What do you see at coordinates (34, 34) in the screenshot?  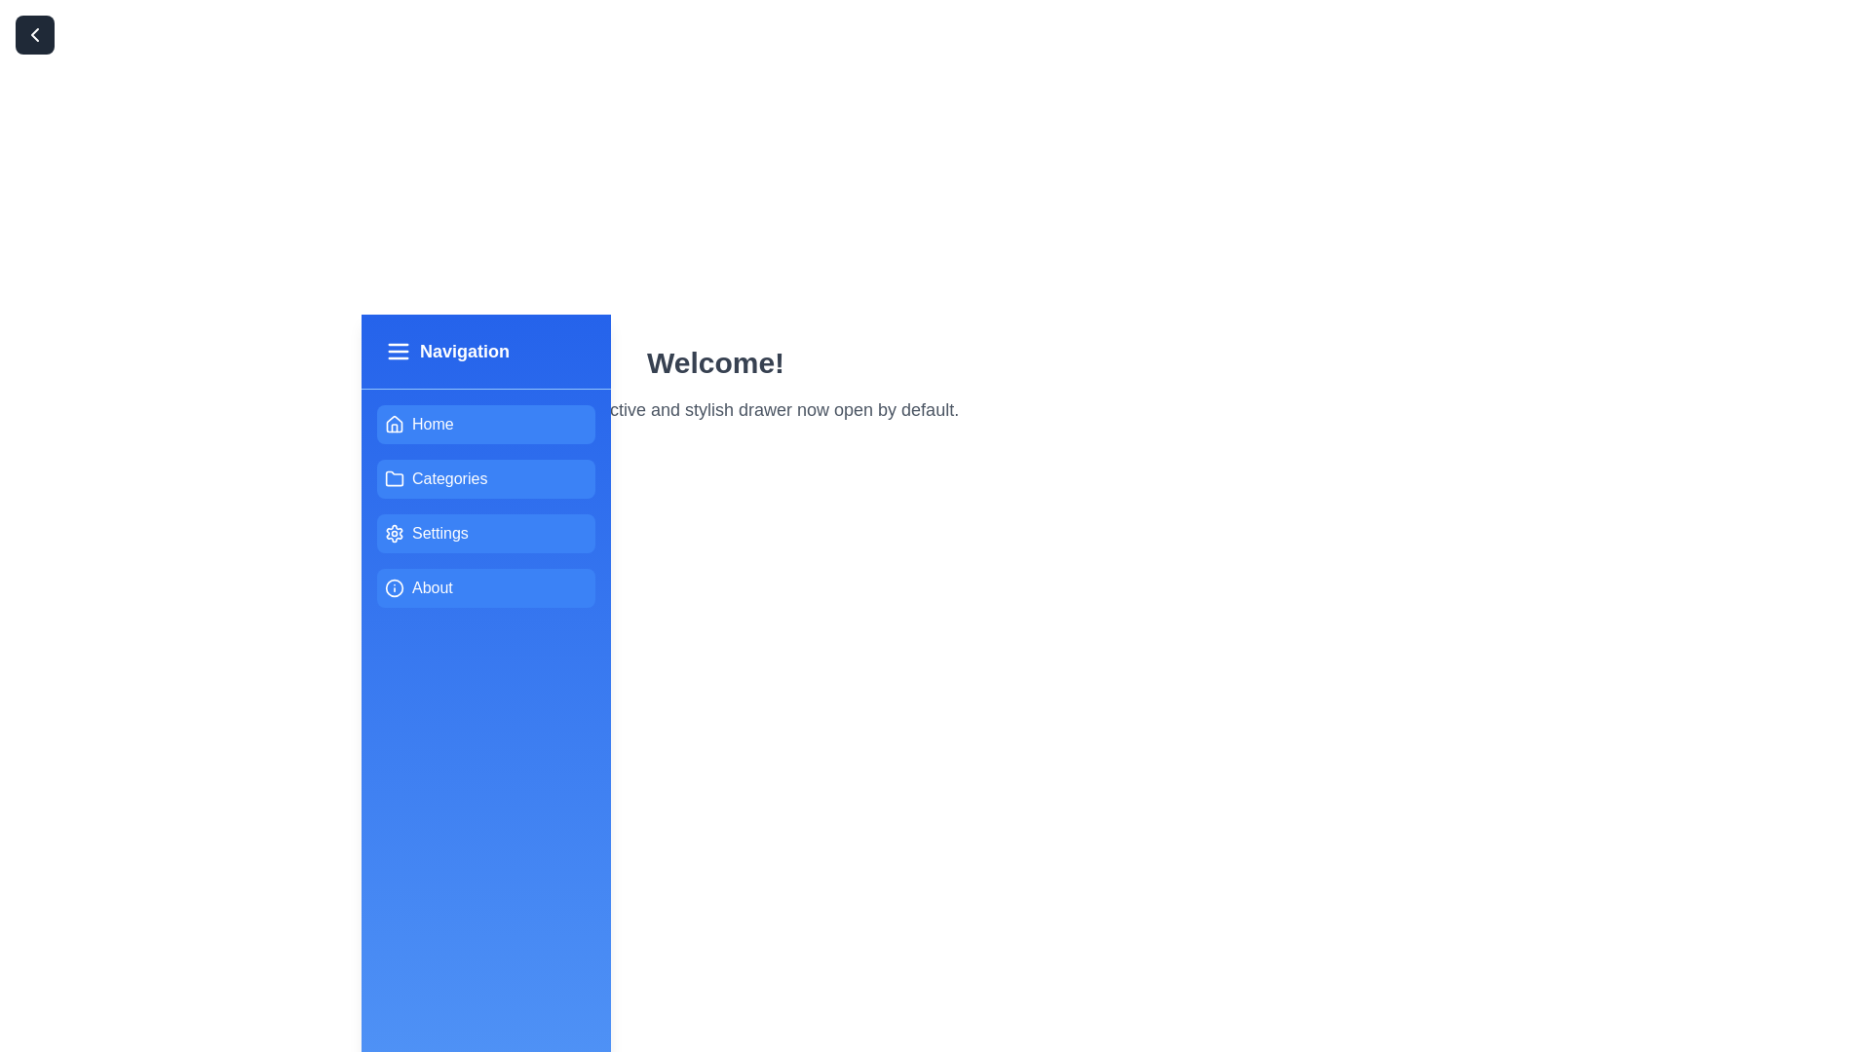 I see `the chevron icon located within the button at the top-left corner of the layout` at bounding box center [34, 34].